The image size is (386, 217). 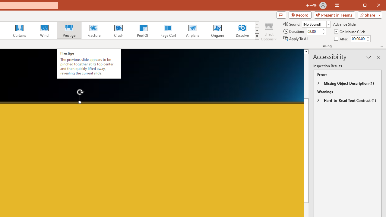 What do you see at coordinates (350, 31) in the screenshot?
I see `'On Mouse Click'` at bounding box center [350, 31].